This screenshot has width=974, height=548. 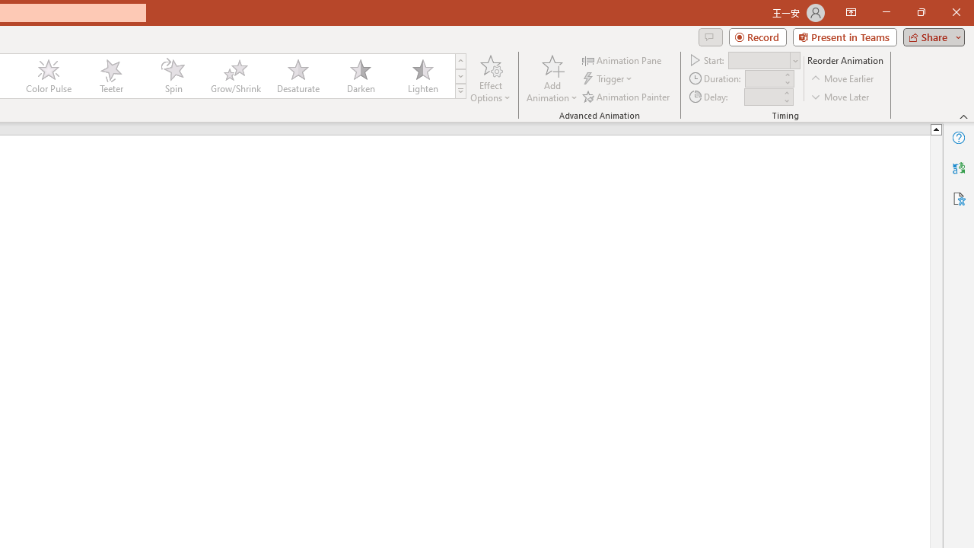 What do you see at coordinates (491, 78) in the screenshot?
I see `'Effect Options'` at bounding box center [491, 78].